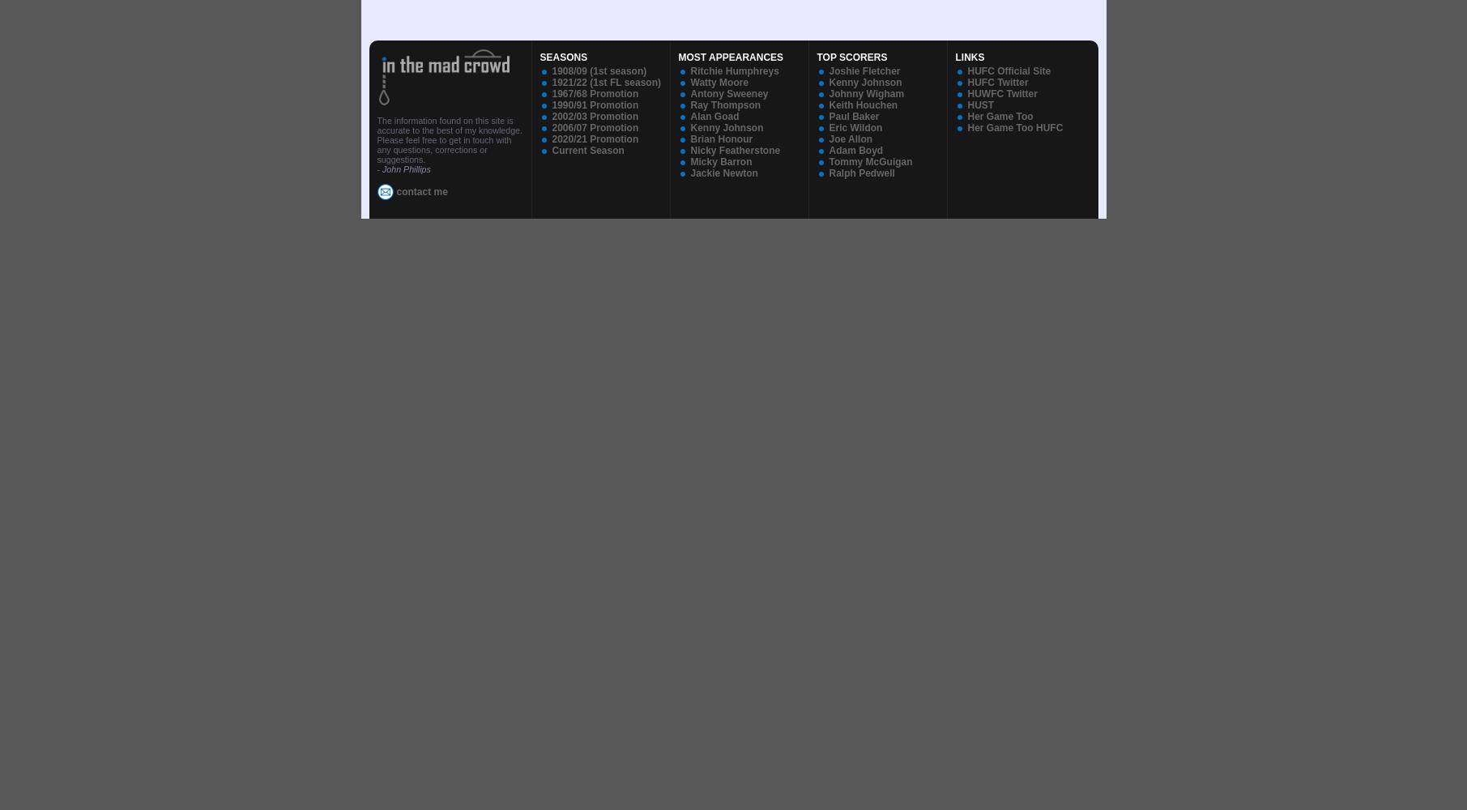 This screenshot has width=1467, height=810. What do you see at coordinates (864, 70) in the screenshot?
I see `'Joshie Fletcher'` at bounding box center [864, 70].